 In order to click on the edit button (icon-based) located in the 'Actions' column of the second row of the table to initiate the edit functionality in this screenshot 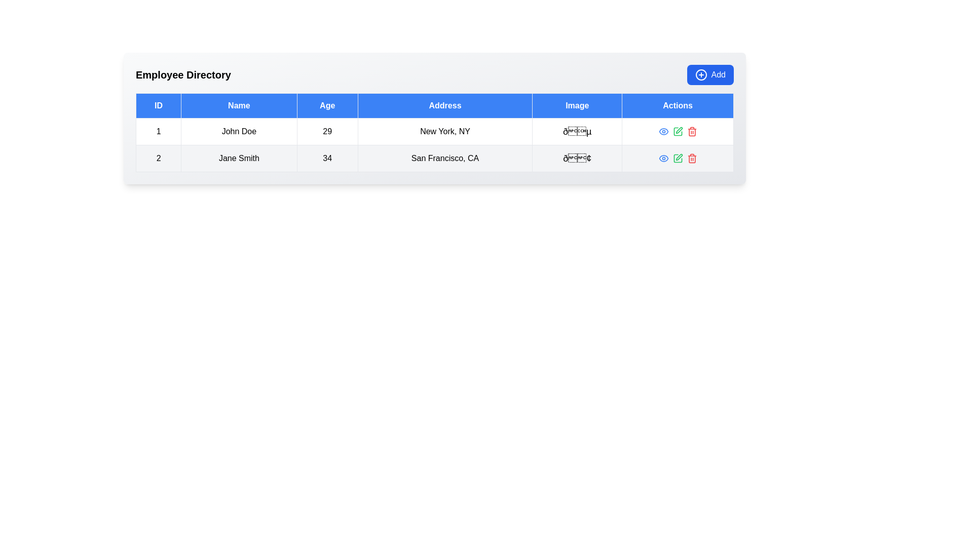, I will do `click(678, 158)`.